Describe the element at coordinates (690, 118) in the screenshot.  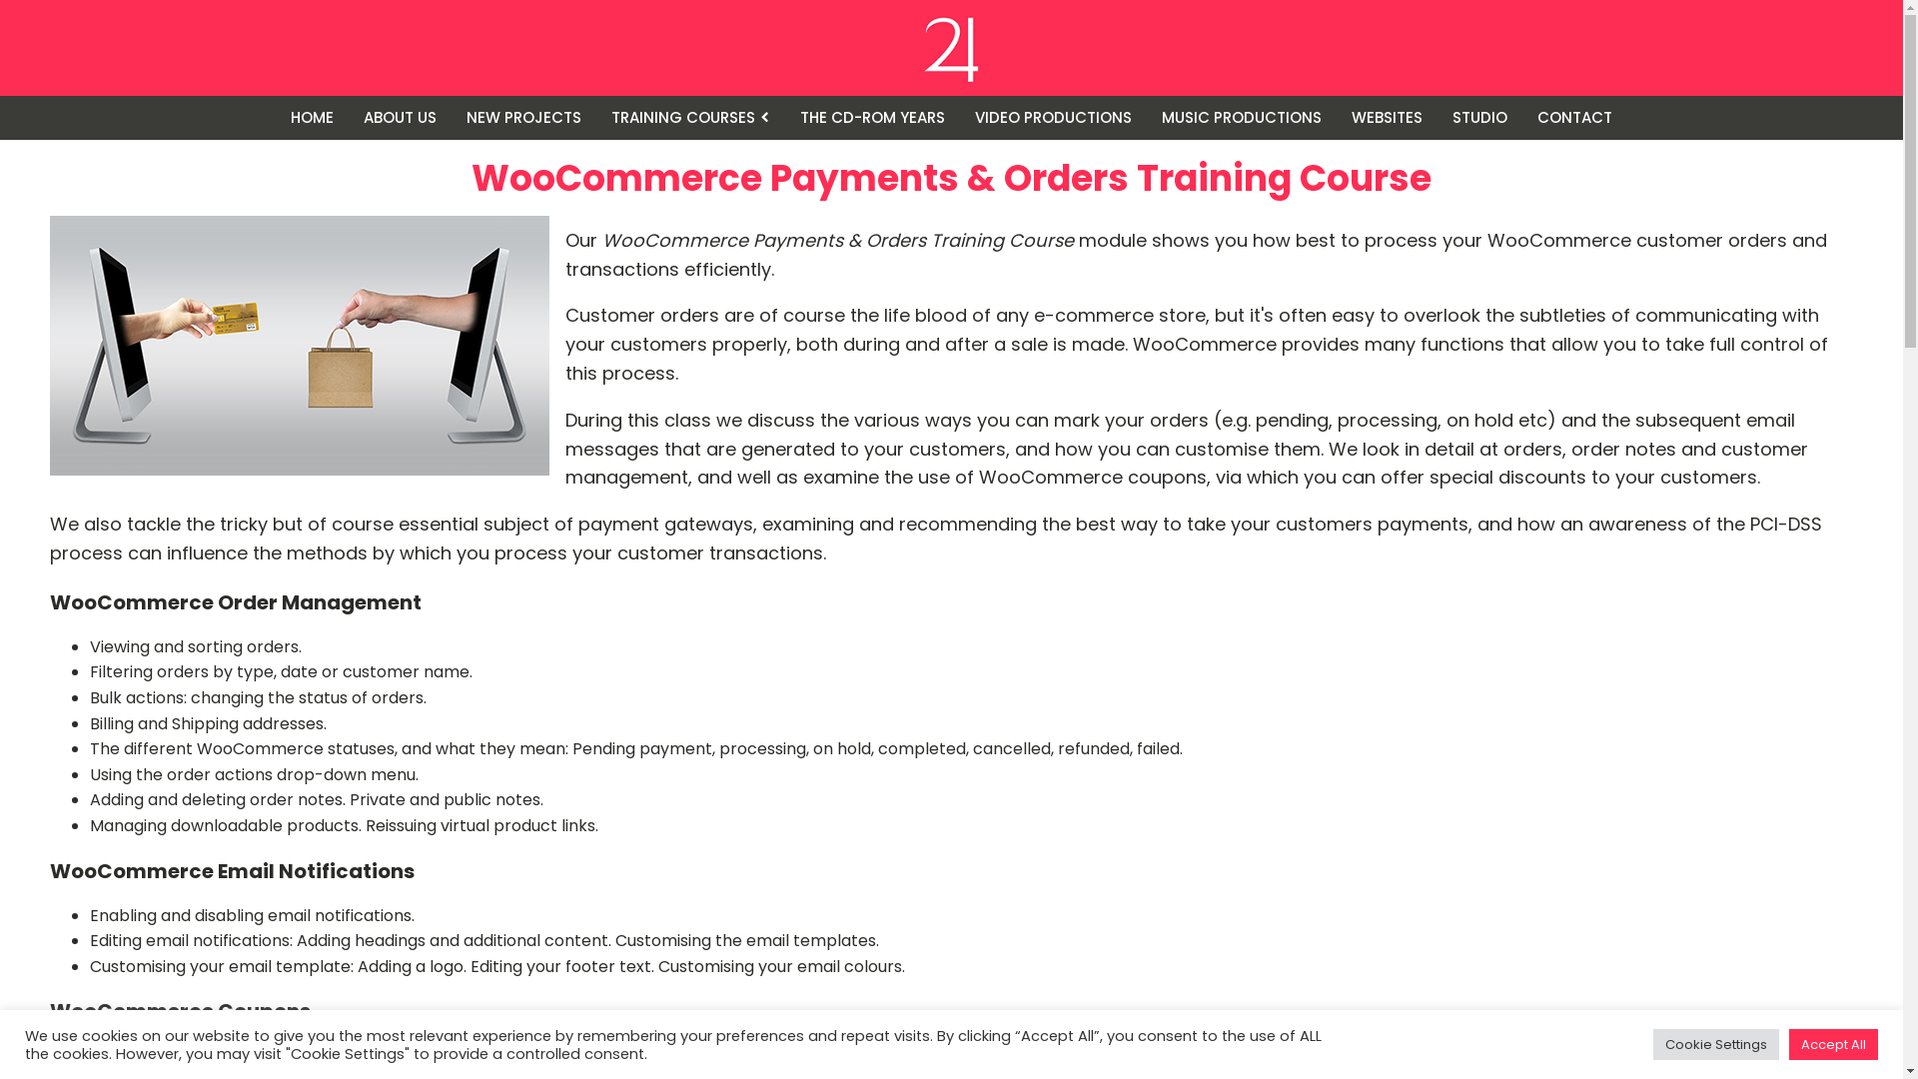
I see `'TRAINING COURSES'` at that location.